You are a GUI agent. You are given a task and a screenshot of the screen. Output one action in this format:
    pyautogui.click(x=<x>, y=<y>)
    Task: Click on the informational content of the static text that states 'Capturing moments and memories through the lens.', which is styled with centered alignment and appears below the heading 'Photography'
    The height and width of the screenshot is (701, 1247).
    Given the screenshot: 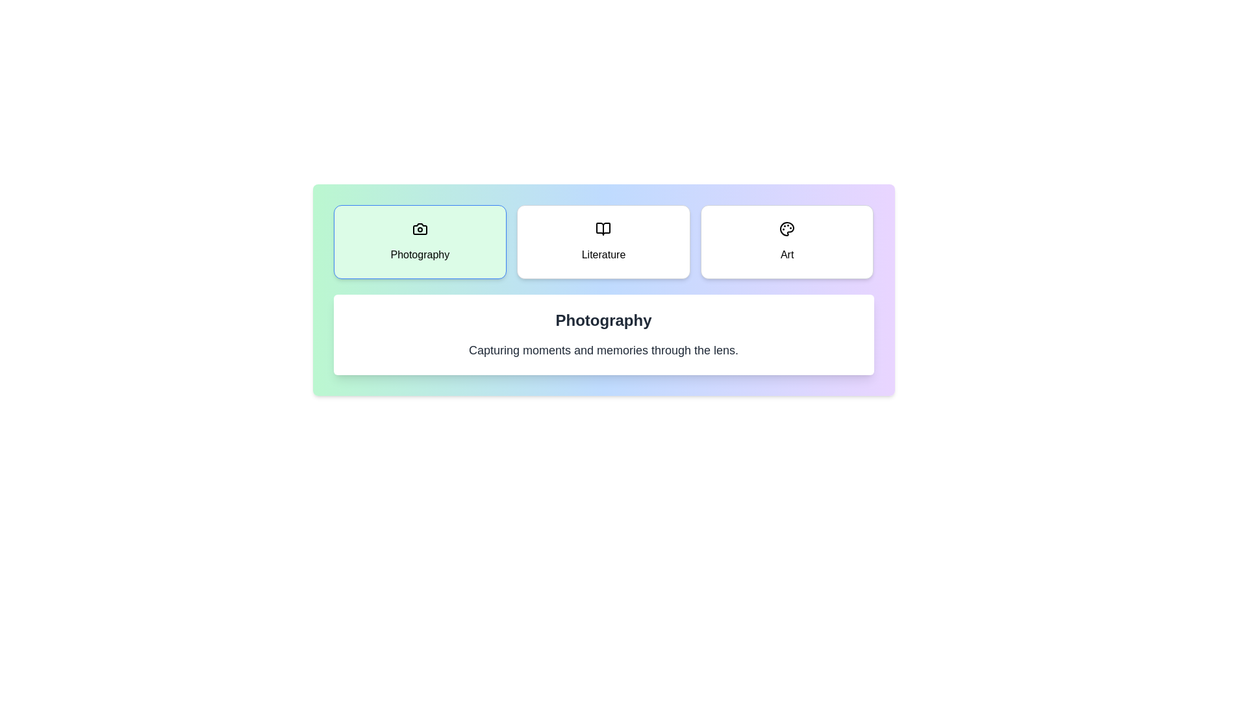 What is the action you would take?
    pyautogui.click(x=603, y=350)
    